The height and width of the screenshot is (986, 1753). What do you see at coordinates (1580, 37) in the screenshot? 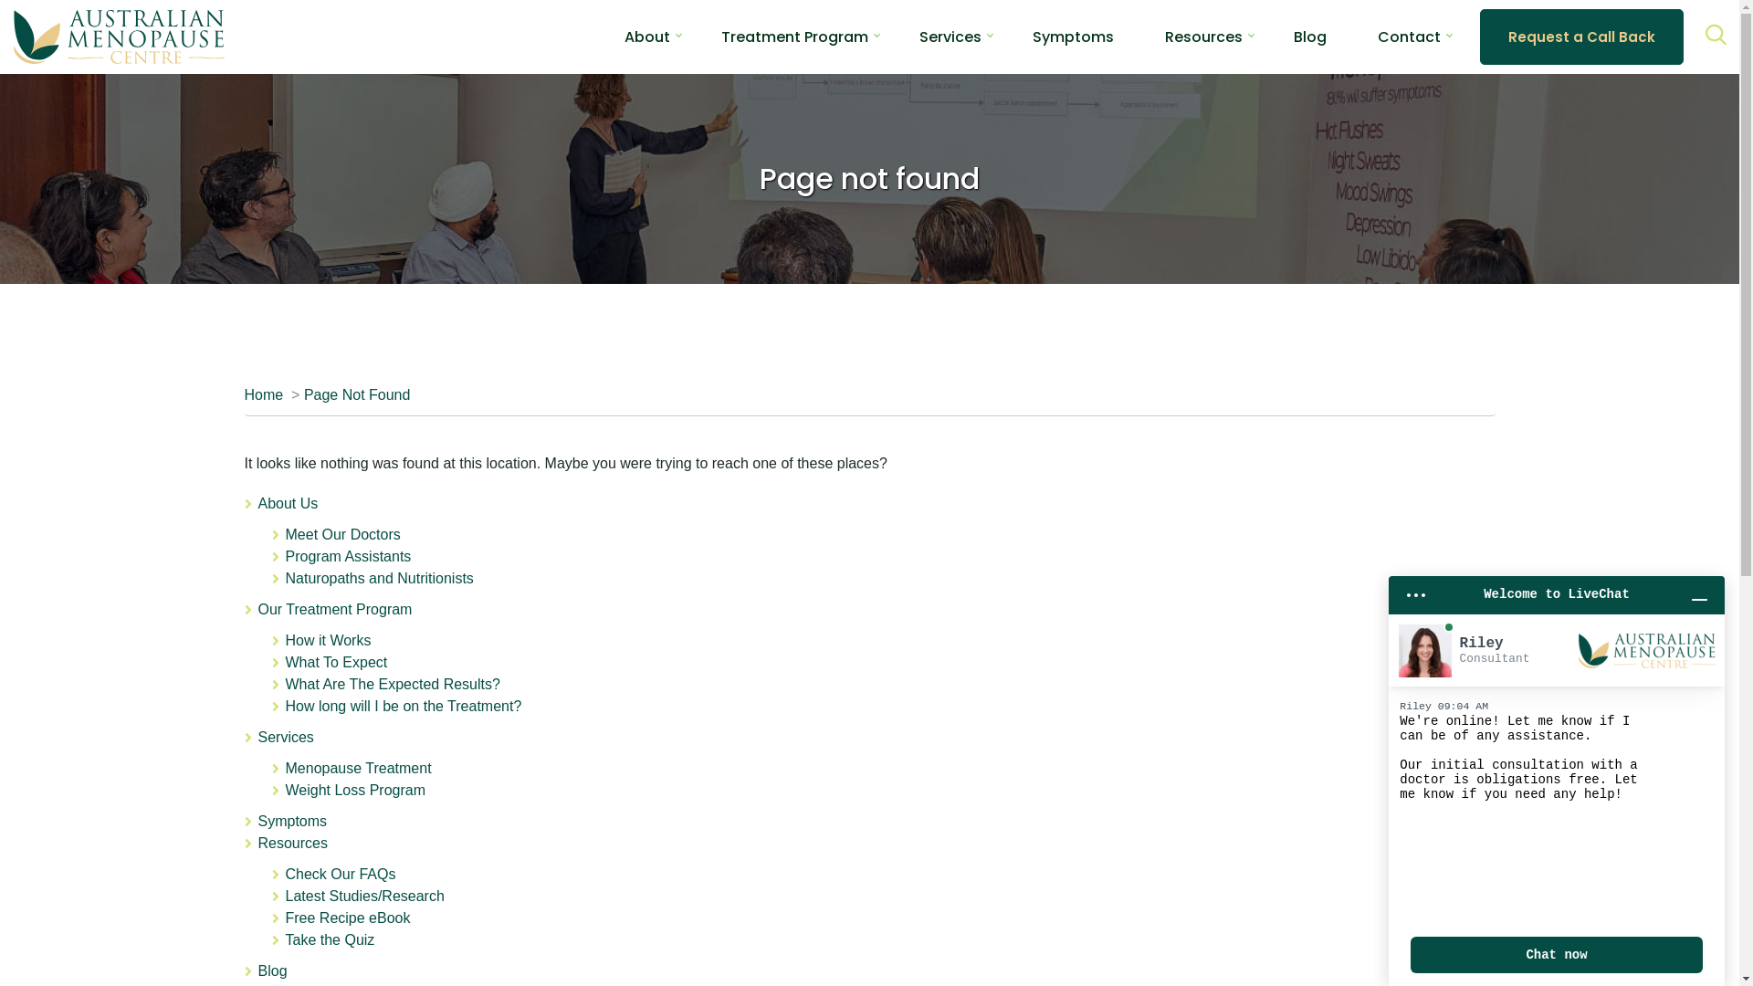
I see `'Request a Call Back'` at bounding box center [1580, 37].